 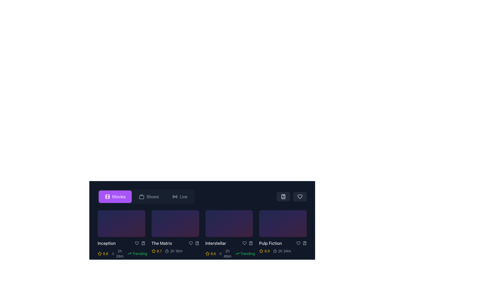 I want to click on the bookmark icon located at the bottom-right corner of the second movie card titled 'The Matrix', so click(x=143, y=243).